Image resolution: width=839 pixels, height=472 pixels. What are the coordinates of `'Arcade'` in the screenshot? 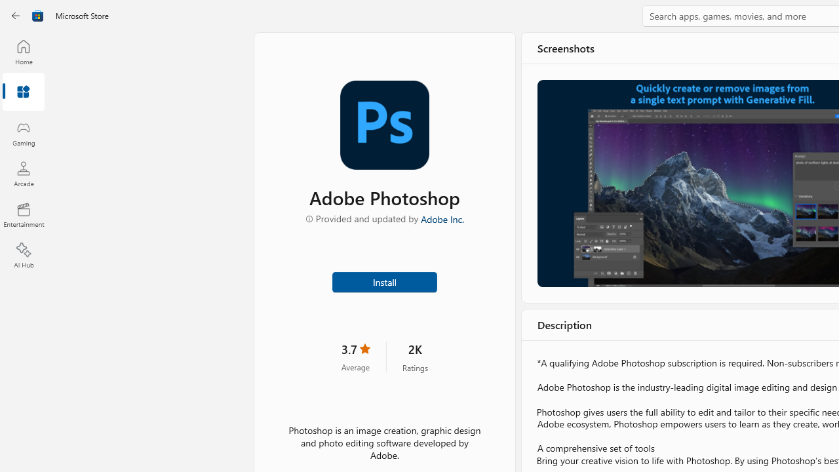 It's located at (23, 173).